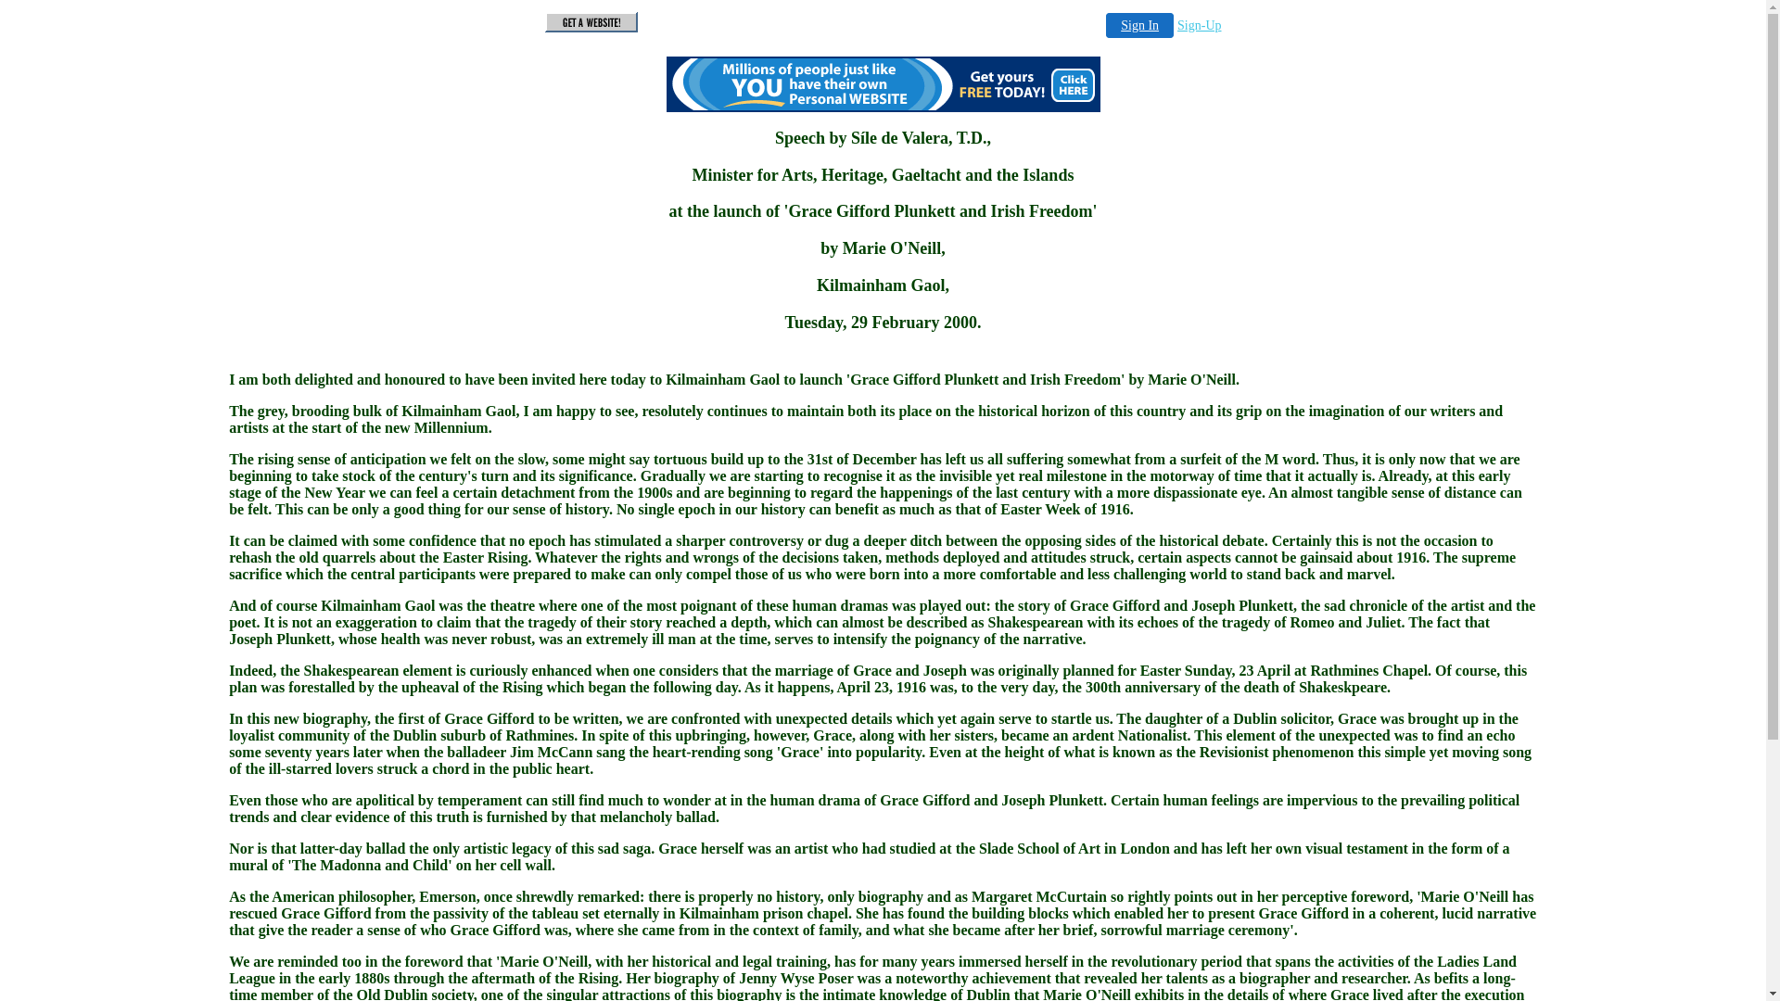 The width and height of the screenshot is (1780, 1001). I want to click on 'Sign In', so click(1138, 25).